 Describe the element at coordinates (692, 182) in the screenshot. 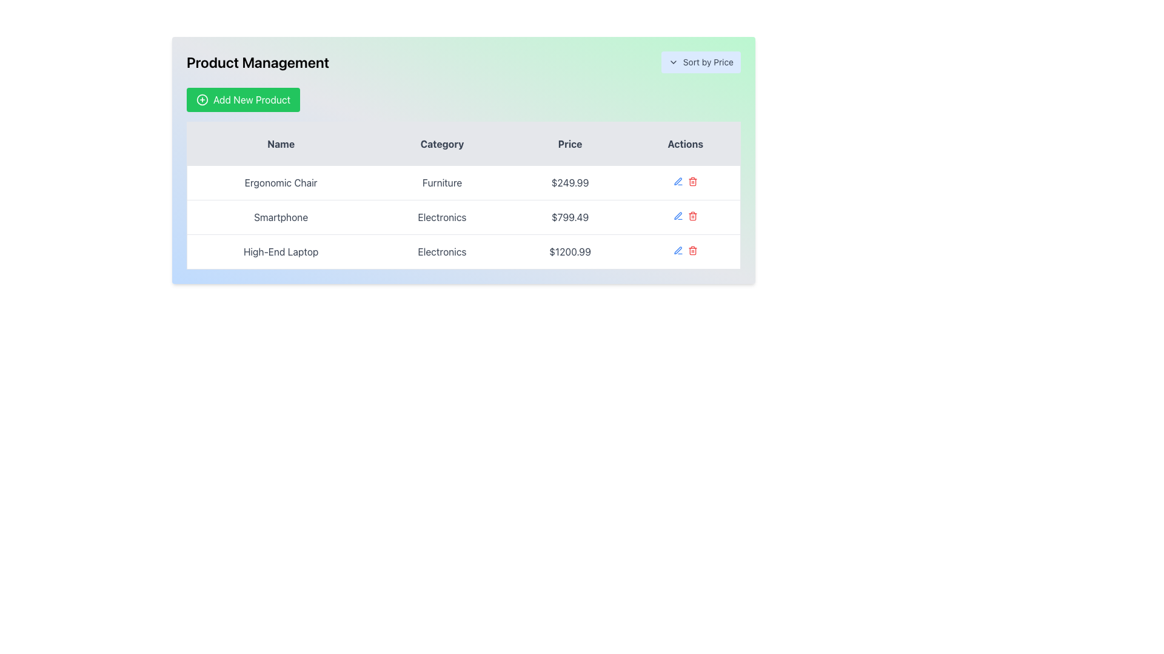

I see `the trash can icon in the 'Actions' column of the second row` at that location.